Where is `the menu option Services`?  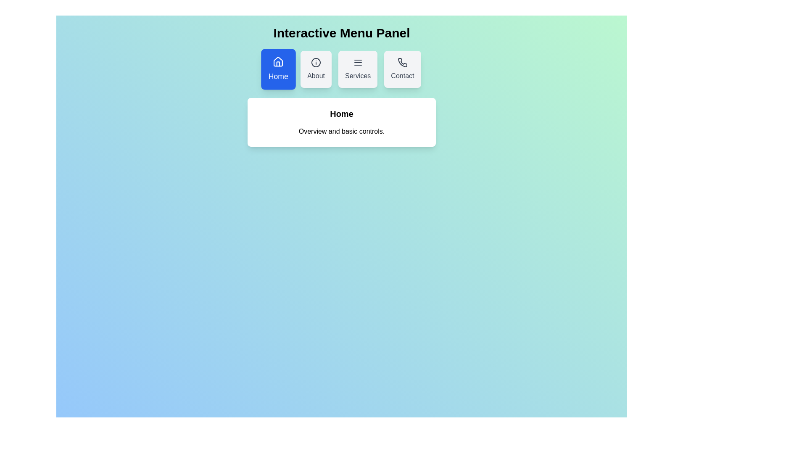 the menu option Services is located at coordinates (358, 69).